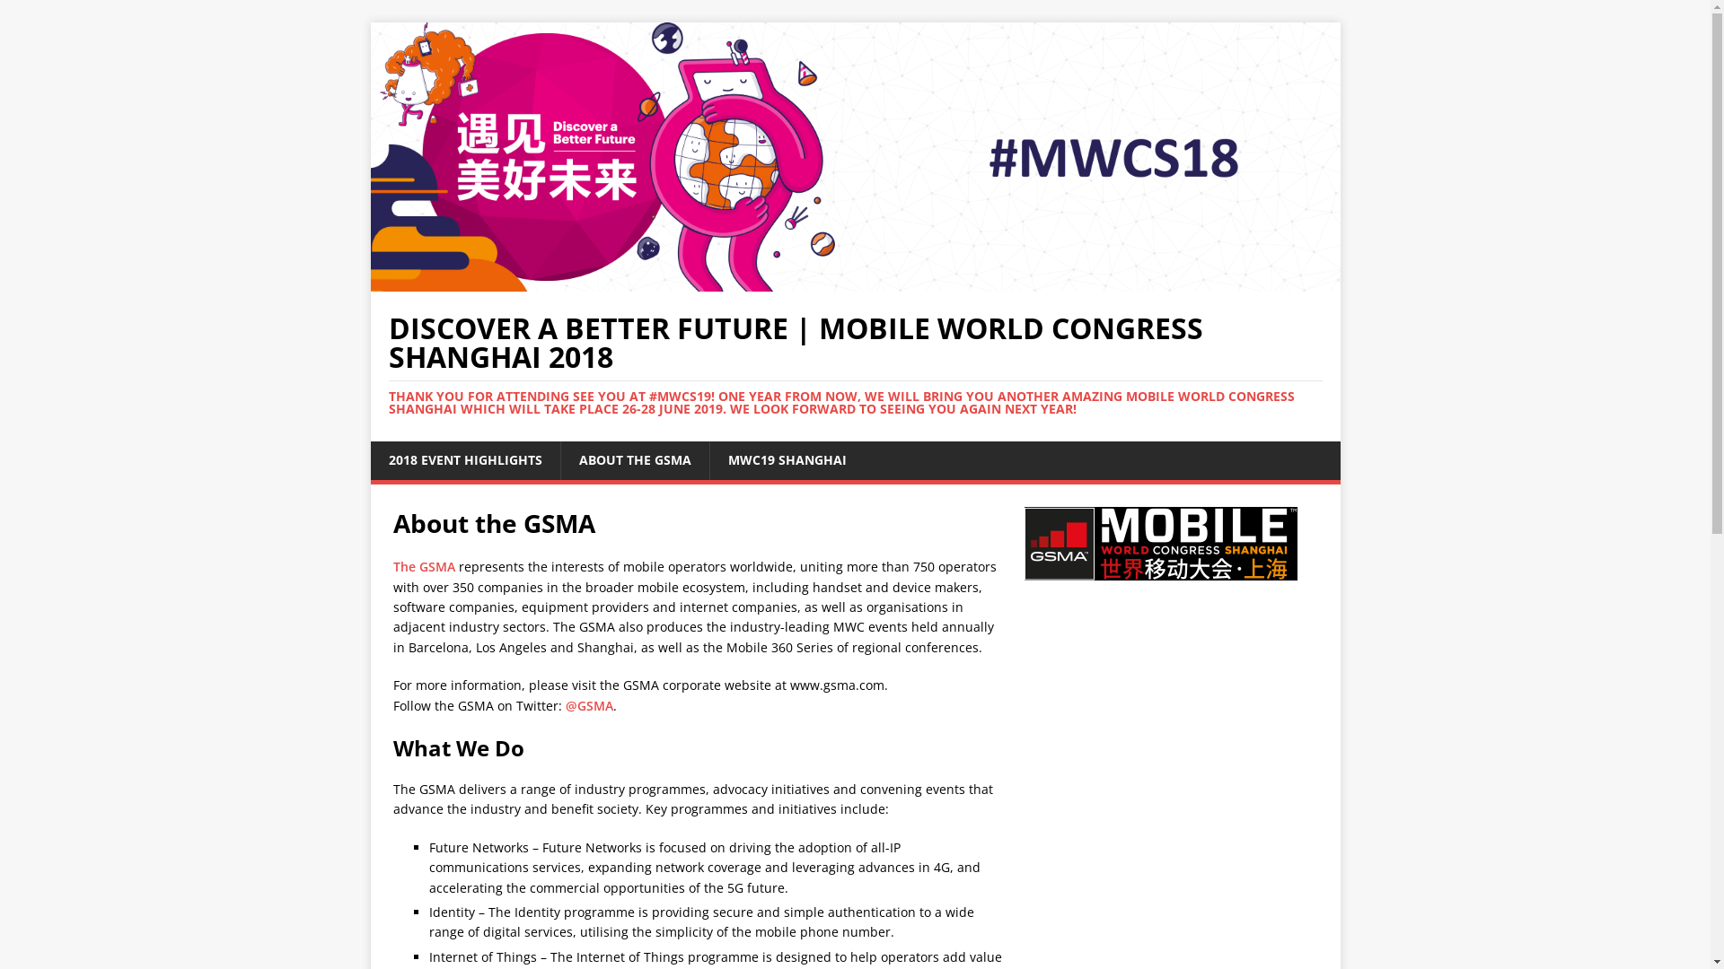 This screenshot has width=1724, height=969. Describe the element at coordinates (634, 459) in the screenshot. I see `'ABOUT THE GSMA'` at that location.